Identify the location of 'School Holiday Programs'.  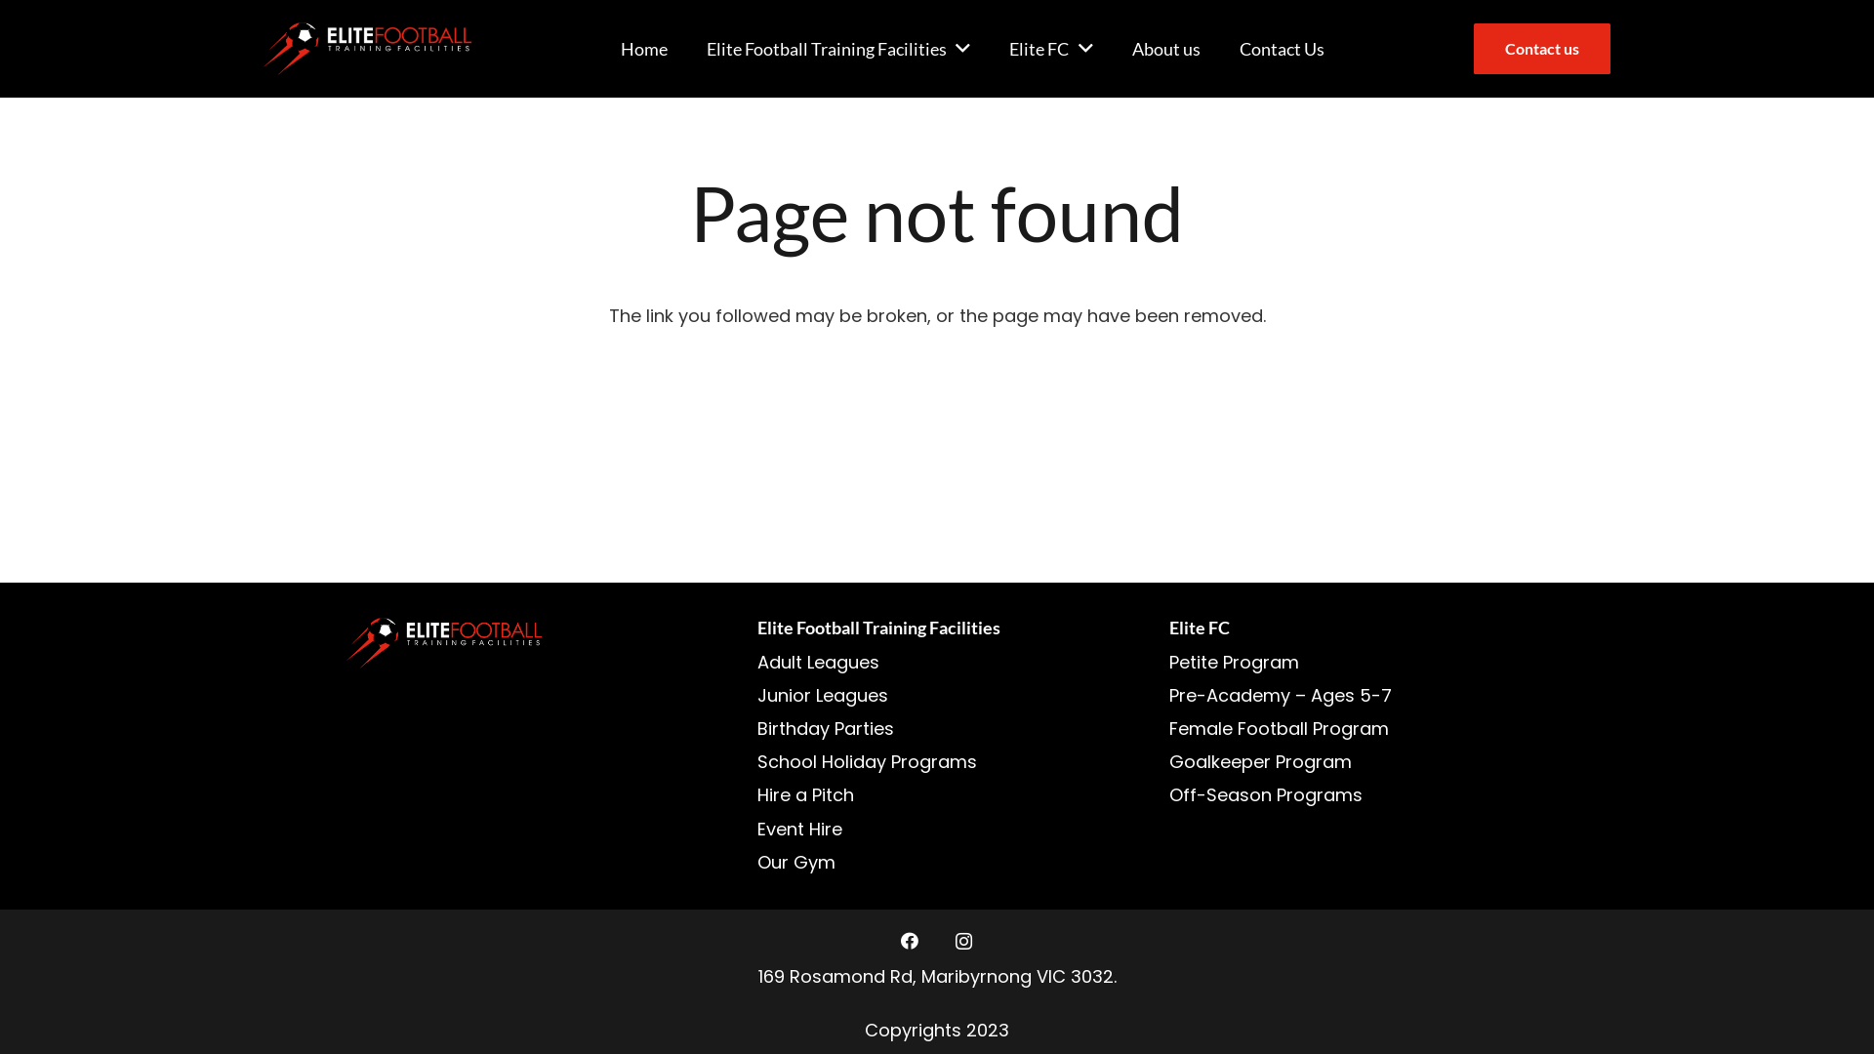
(866, 760).